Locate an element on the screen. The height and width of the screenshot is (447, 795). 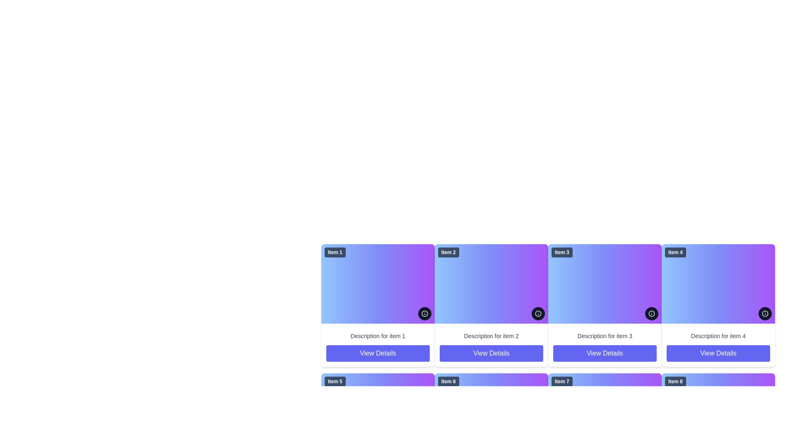
the button located at the bottom of the 'Item 2' card is located at coordinates (491, 353).